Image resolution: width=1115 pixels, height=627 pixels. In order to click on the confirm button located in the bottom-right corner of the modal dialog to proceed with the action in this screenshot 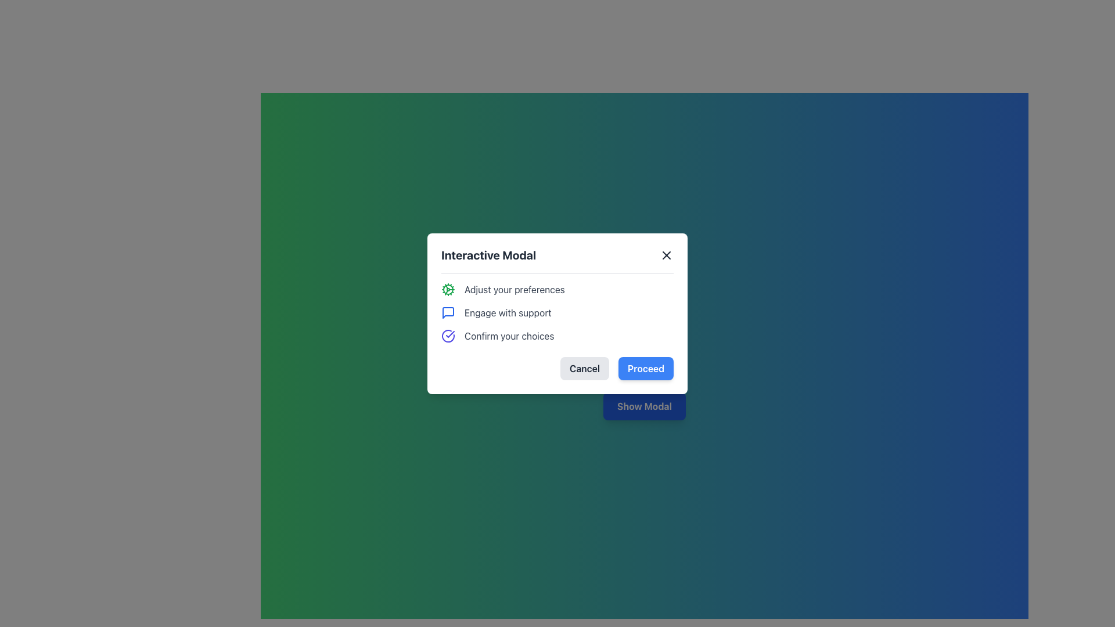, I will do `click(645, 368)`.